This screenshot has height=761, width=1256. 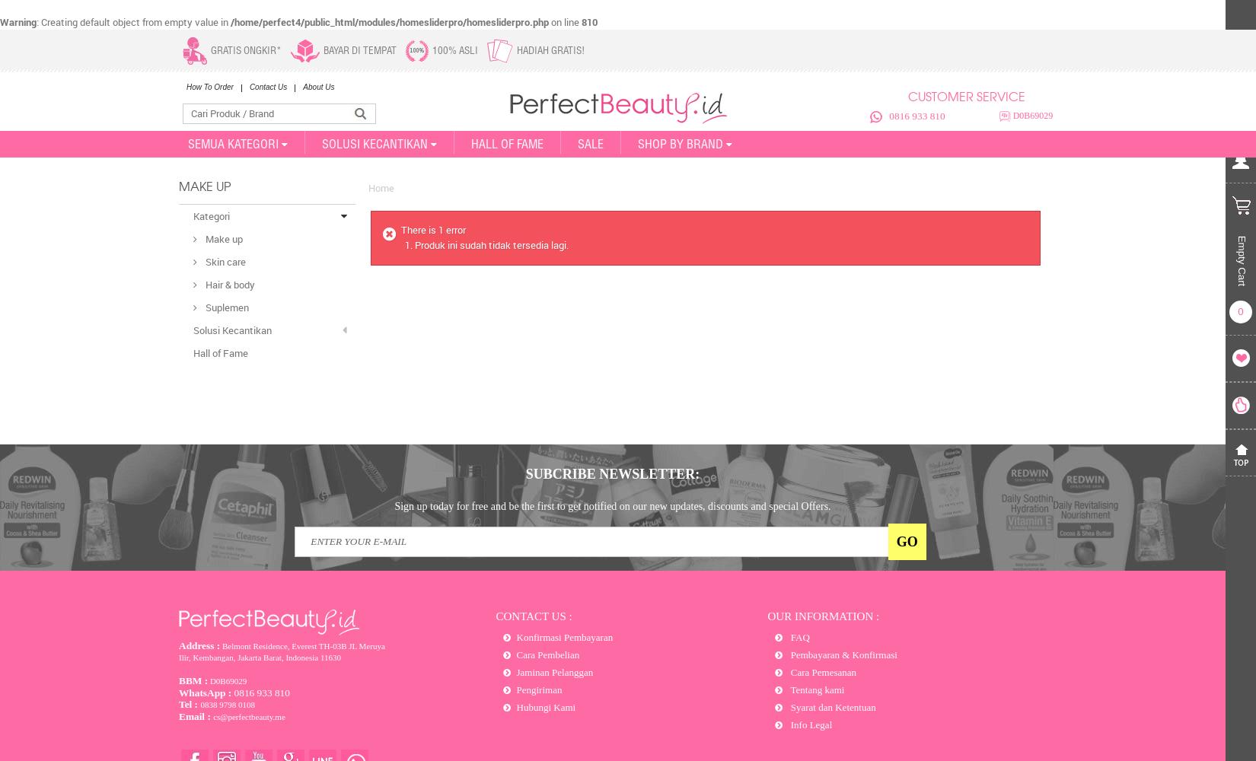 What do you see at coordinates (212, 216) in the screenshot?
I see `'Kategori'` at bounding box center [212, 216].